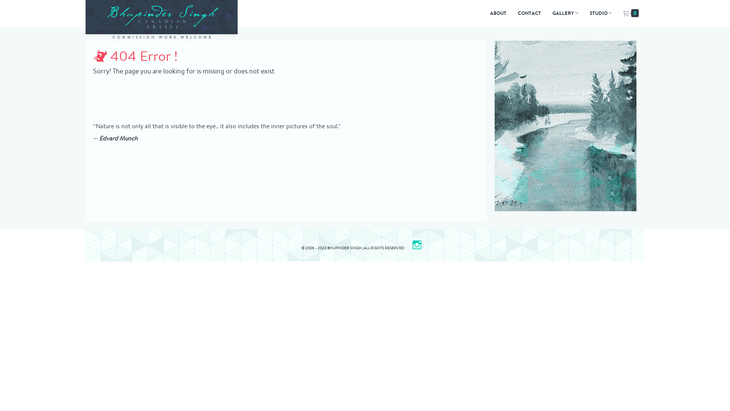 The width and height of the screenshot is (730, 411). I want to click on 'GALLERY', so click(565, 13).